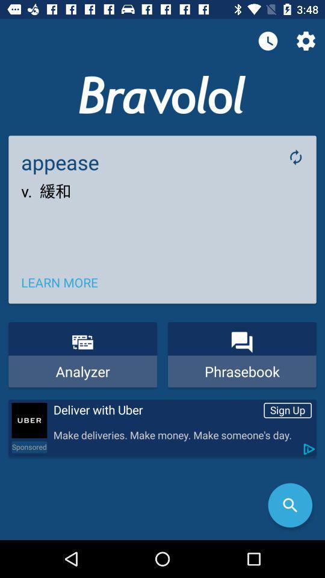  Describe the element at coordinates (29, 420) in the screenshot. I see `access uber official website` at that location.